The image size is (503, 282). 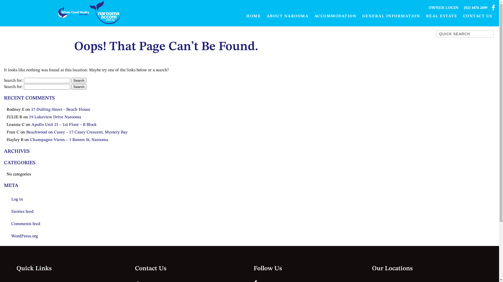 I want to click on '19 Lakeview Drive Narooma', so click(x=55, y=117).